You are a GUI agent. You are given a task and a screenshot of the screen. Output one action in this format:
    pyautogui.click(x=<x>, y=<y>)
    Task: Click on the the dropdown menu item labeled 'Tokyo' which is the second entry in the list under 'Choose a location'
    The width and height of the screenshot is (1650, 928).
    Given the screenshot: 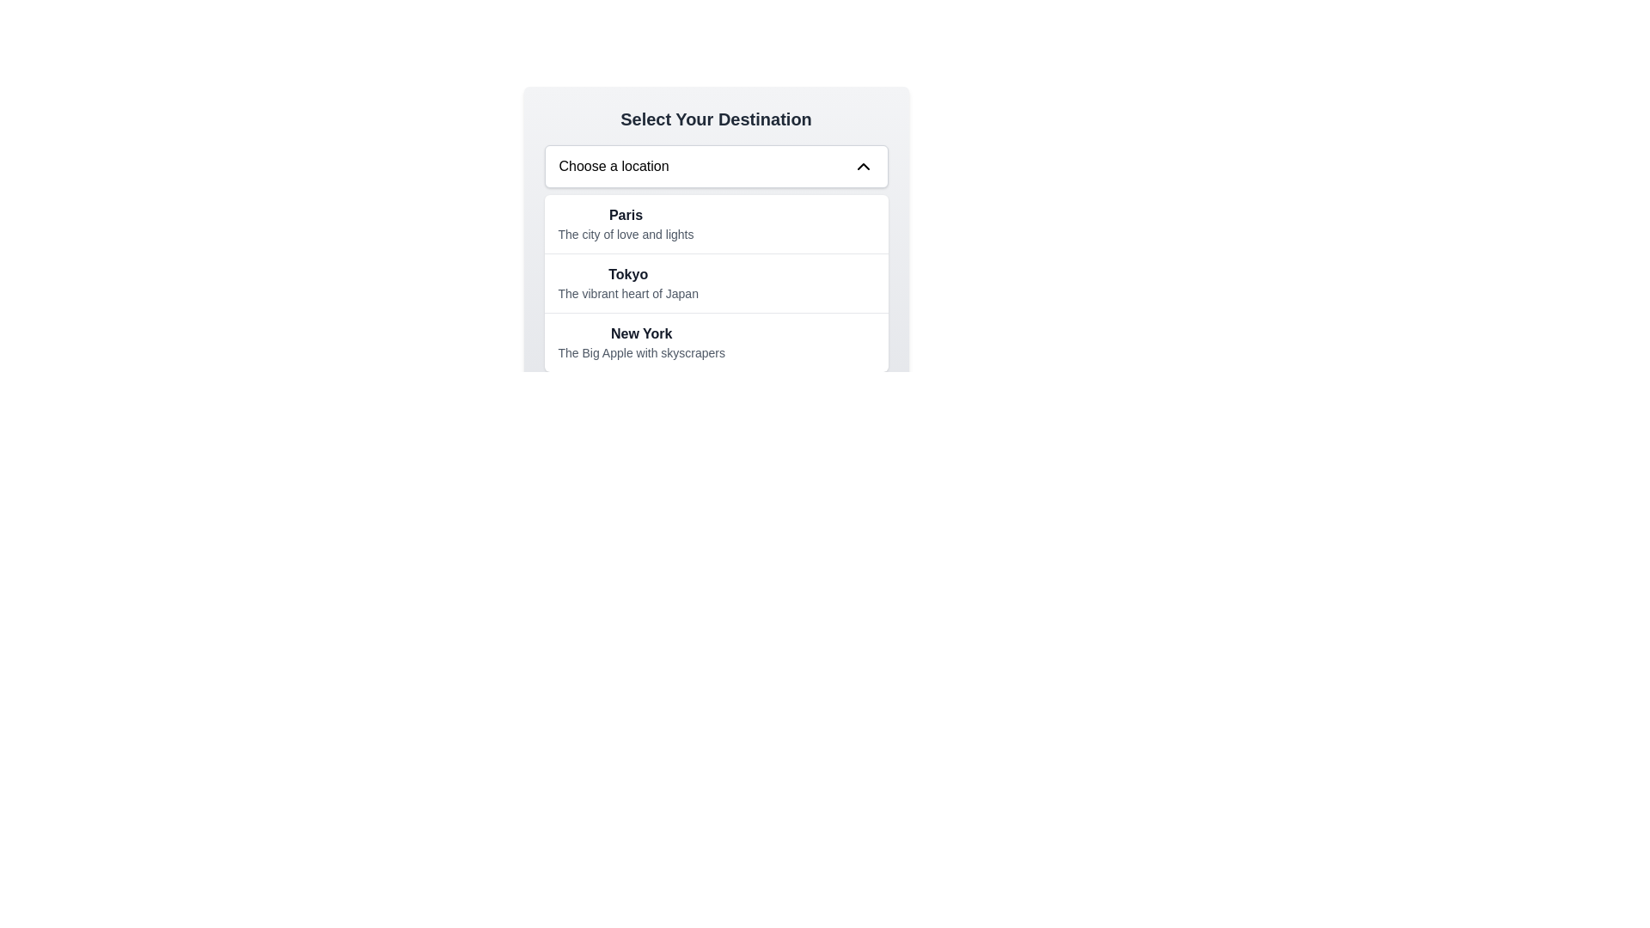 What is the action you would take?
    pyautogui.click(x=716, y=283)
    